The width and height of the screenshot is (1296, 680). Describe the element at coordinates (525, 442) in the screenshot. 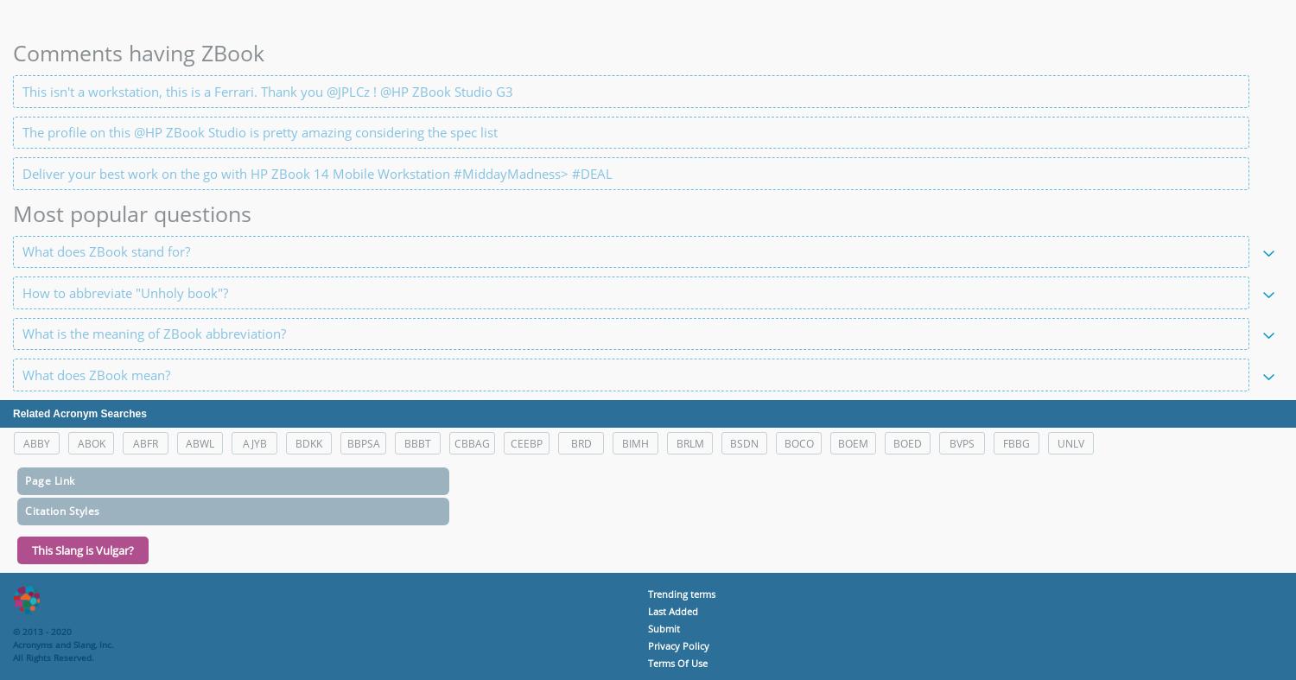

I see `'CEEBP'` at that location.